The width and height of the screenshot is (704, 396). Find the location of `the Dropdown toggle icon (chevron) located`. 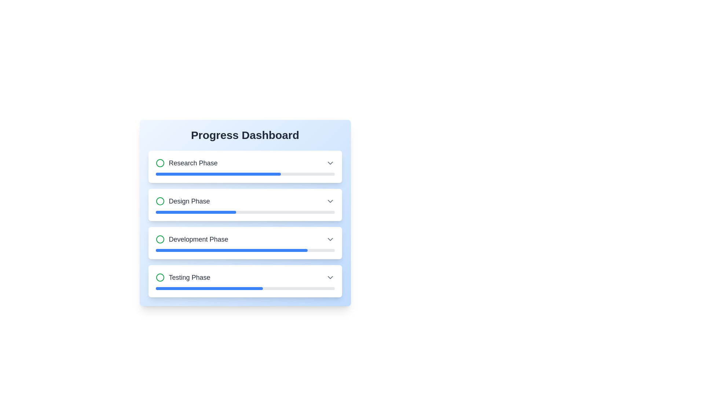

the Dropdown toggle icon (chevron) located is located at coordinates (330, 277).